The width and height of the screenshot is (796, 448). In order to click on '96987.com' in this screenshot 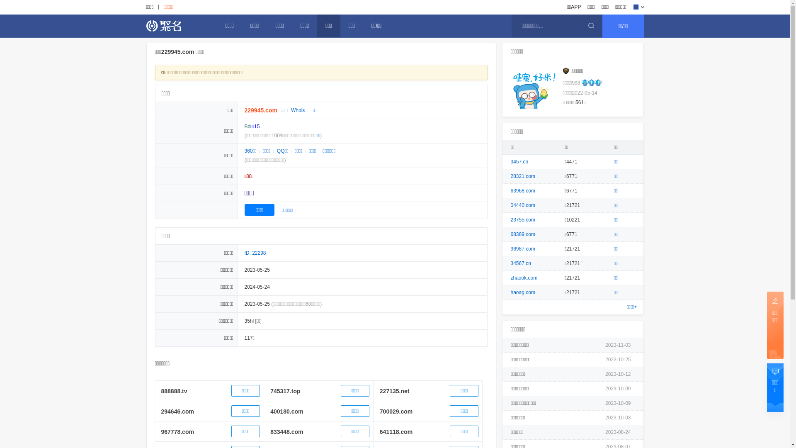, I will do `click(522, 248)`.